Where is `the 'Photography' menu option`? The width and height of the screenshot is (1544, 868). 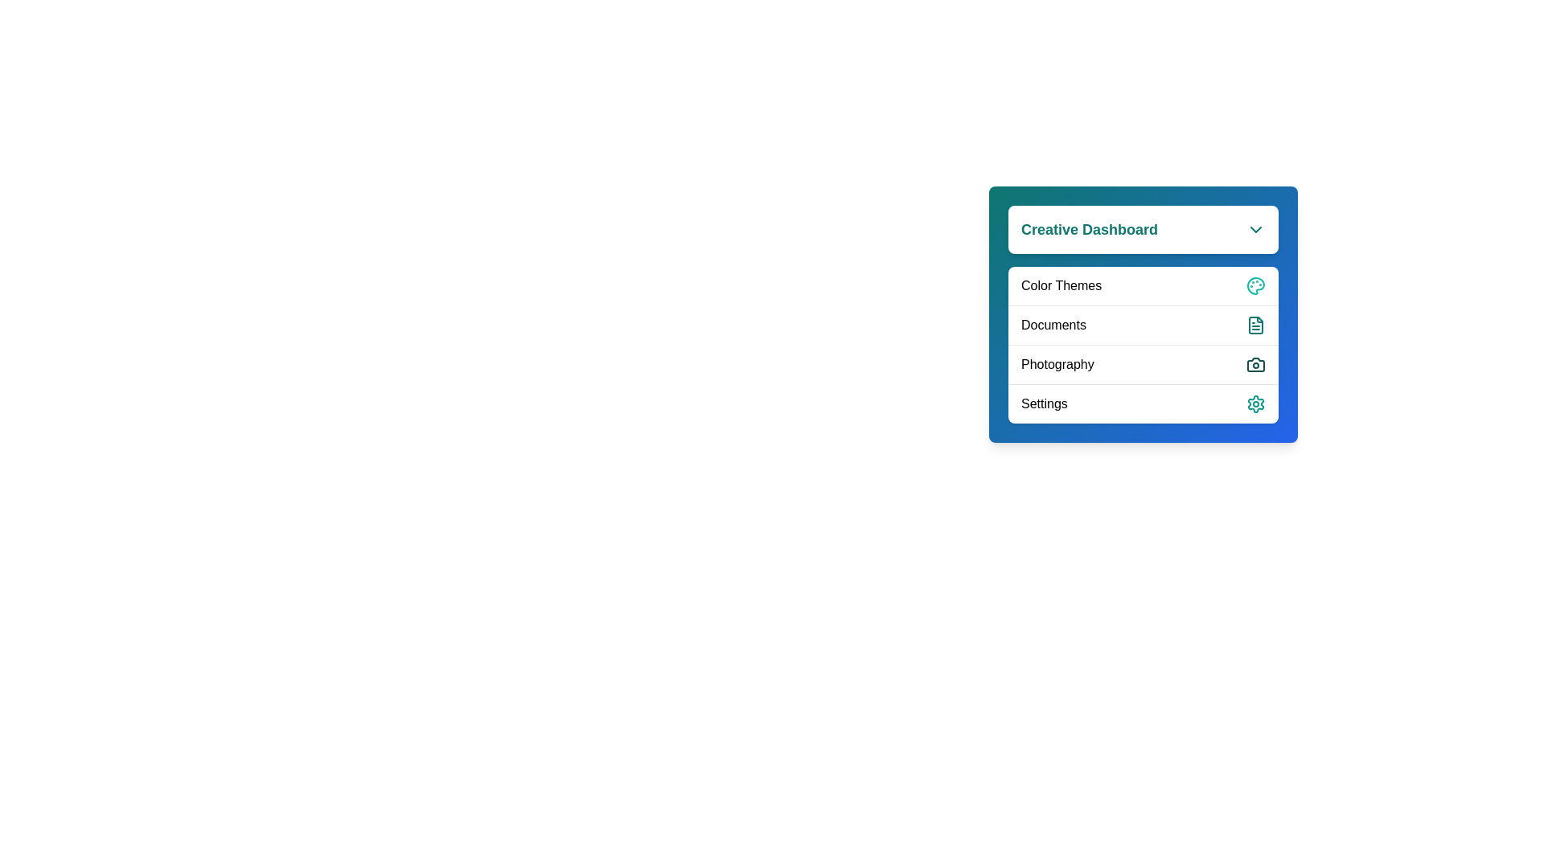 the 'Photography' menu option is located at coordinates (1142, 364).